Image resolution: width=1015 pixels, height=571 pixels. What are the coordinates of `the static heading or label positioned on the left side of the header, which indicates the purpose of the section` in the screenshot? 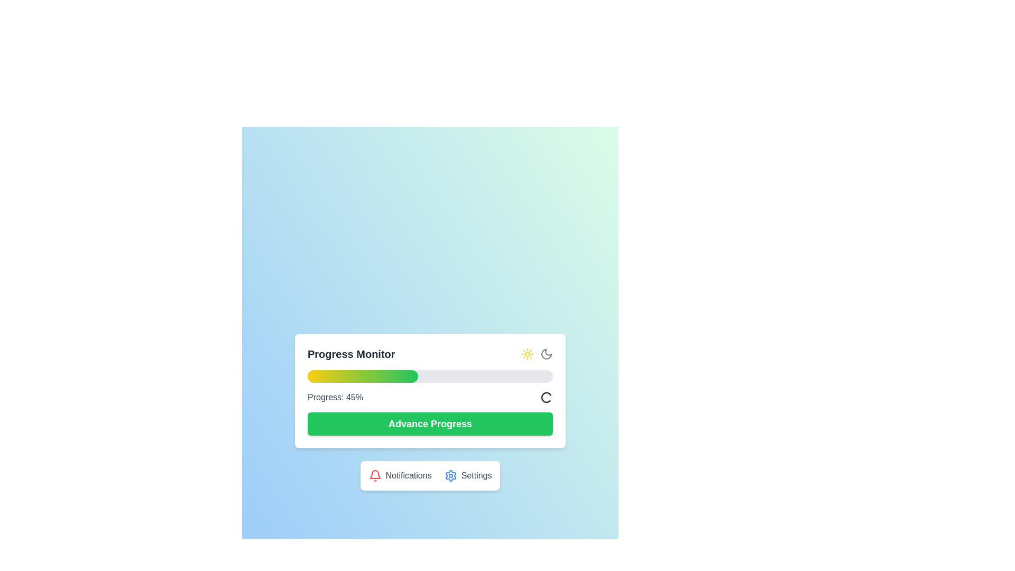 It's located at (351, 354).